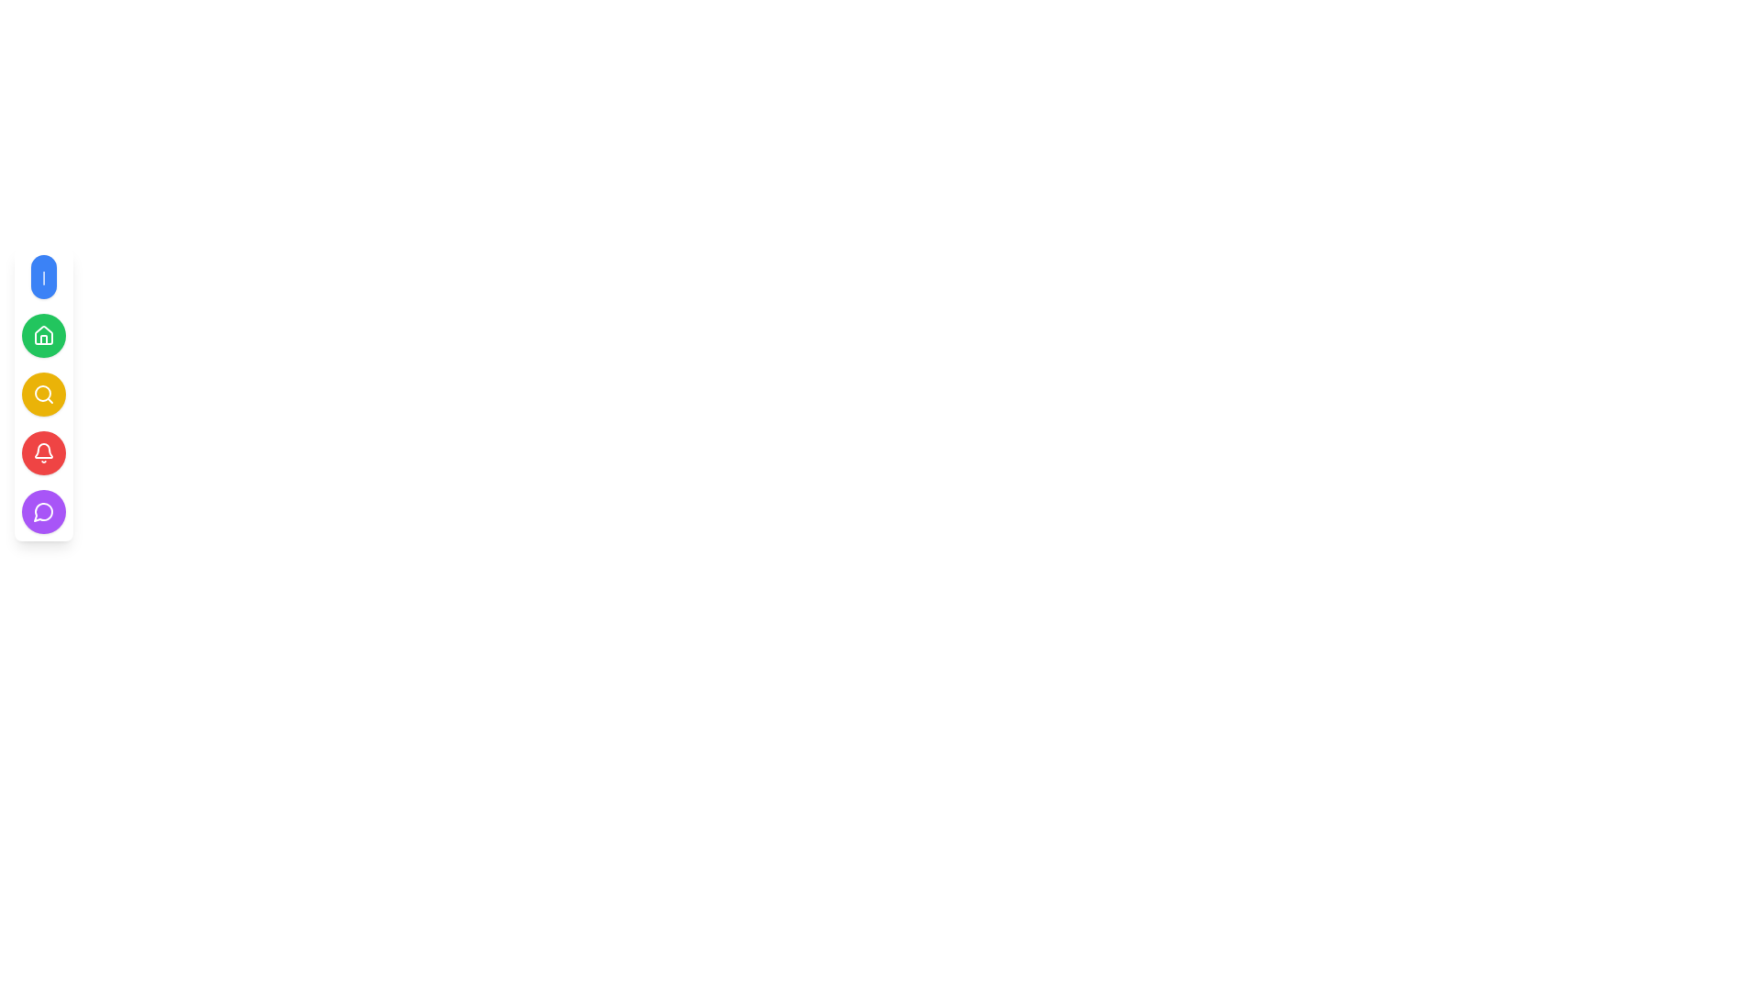 Image resolution: width=1761 pixels, height=991 pixels. Describe the element at coordinates (44, 336) in the screenshot. I see `the 'Home' Icon button located in the vertical navigation menu, positioned between a blue circular button above and a yellow circular button below` at that location.